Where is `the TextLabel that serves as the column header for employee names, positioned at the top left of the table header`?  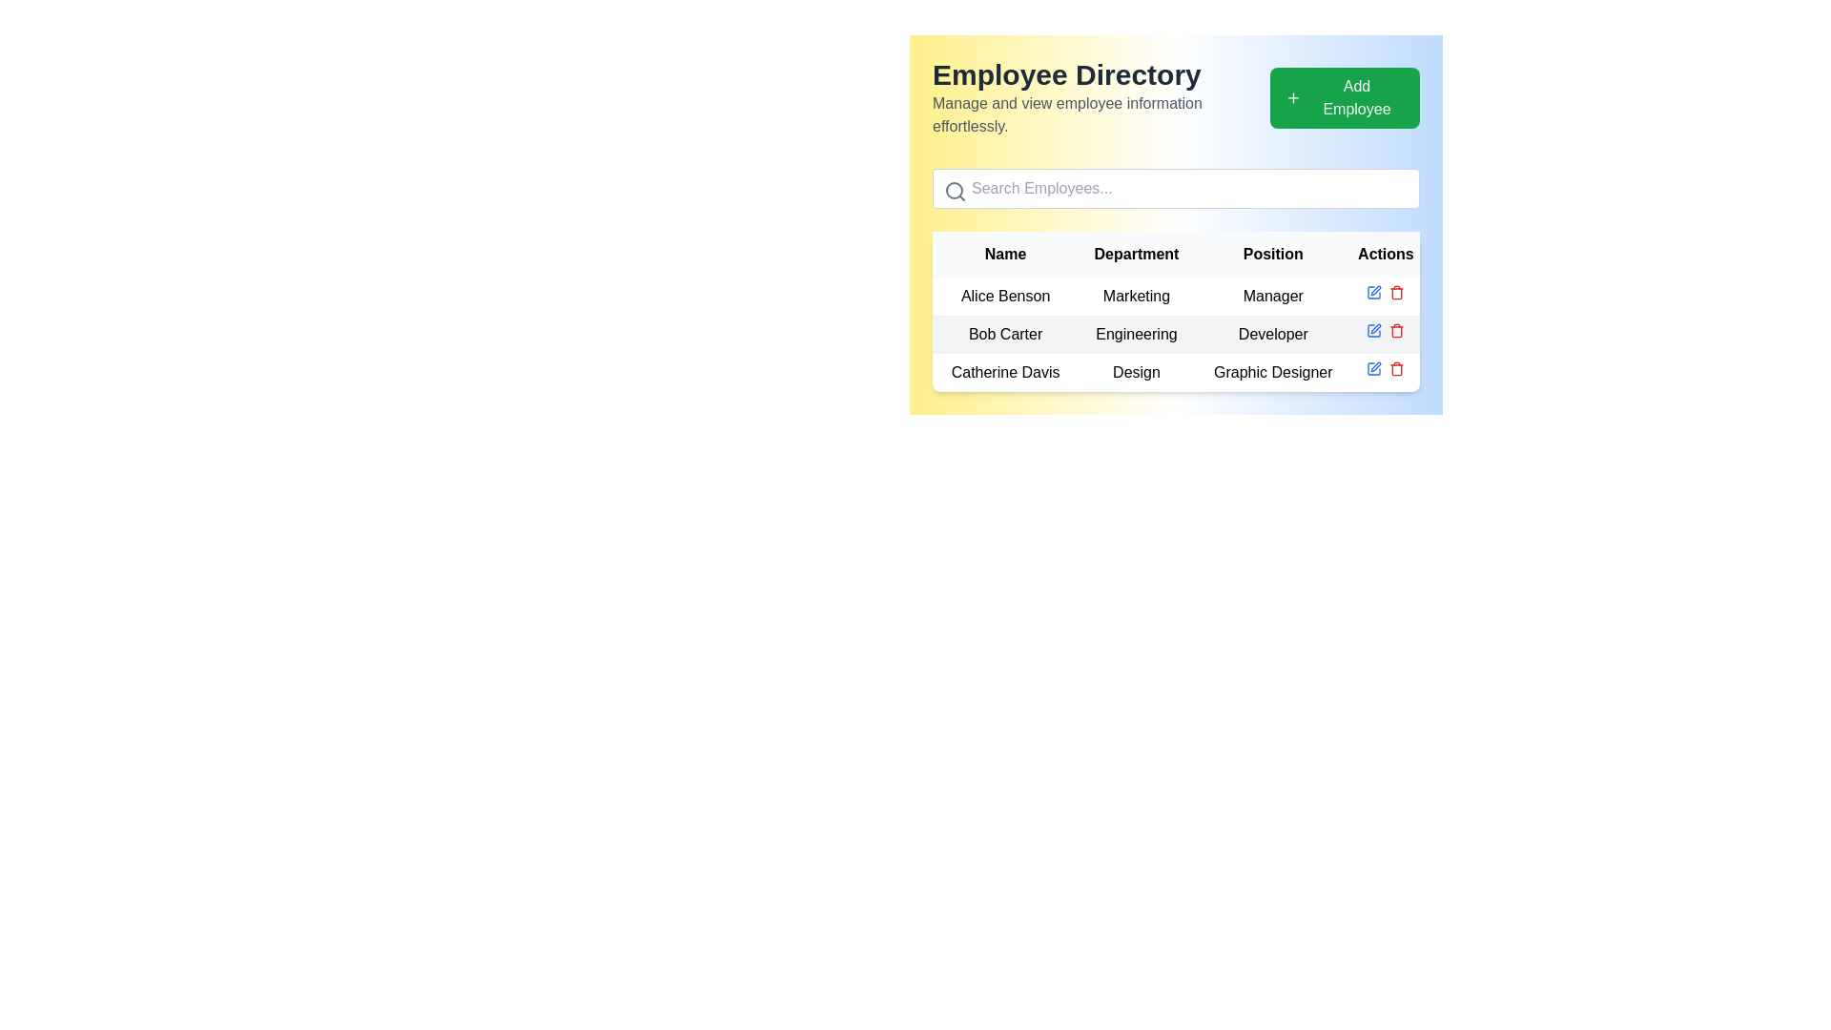 the TextLabel that serves as the column header for employee names, positioned at the top left of the table header is located at coordinates (1004, 253).